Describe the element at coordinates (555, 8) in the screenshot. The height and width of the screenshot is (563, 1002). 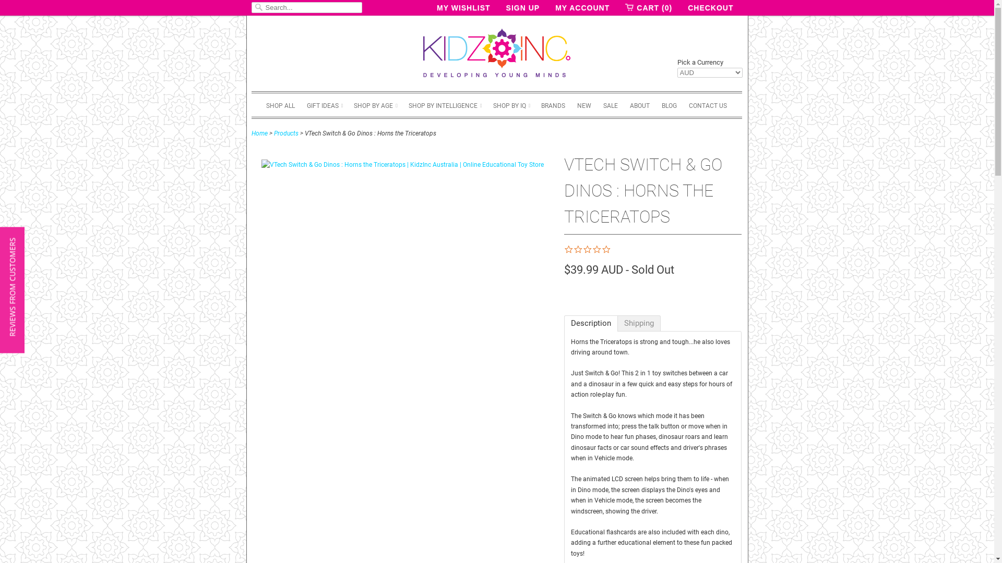
I see `'MY ACCOUNT'` at that location.